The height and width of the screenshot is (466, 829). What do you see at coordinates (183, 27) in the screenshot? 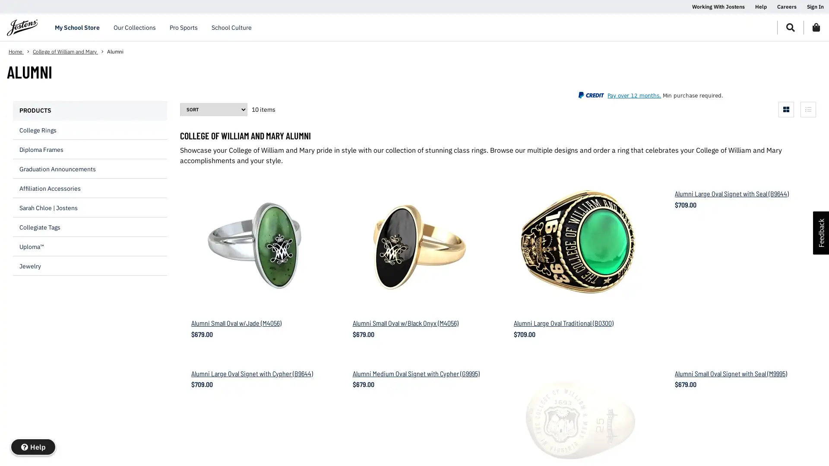
I see `Pro Sports` at bounding box center [183, 27].